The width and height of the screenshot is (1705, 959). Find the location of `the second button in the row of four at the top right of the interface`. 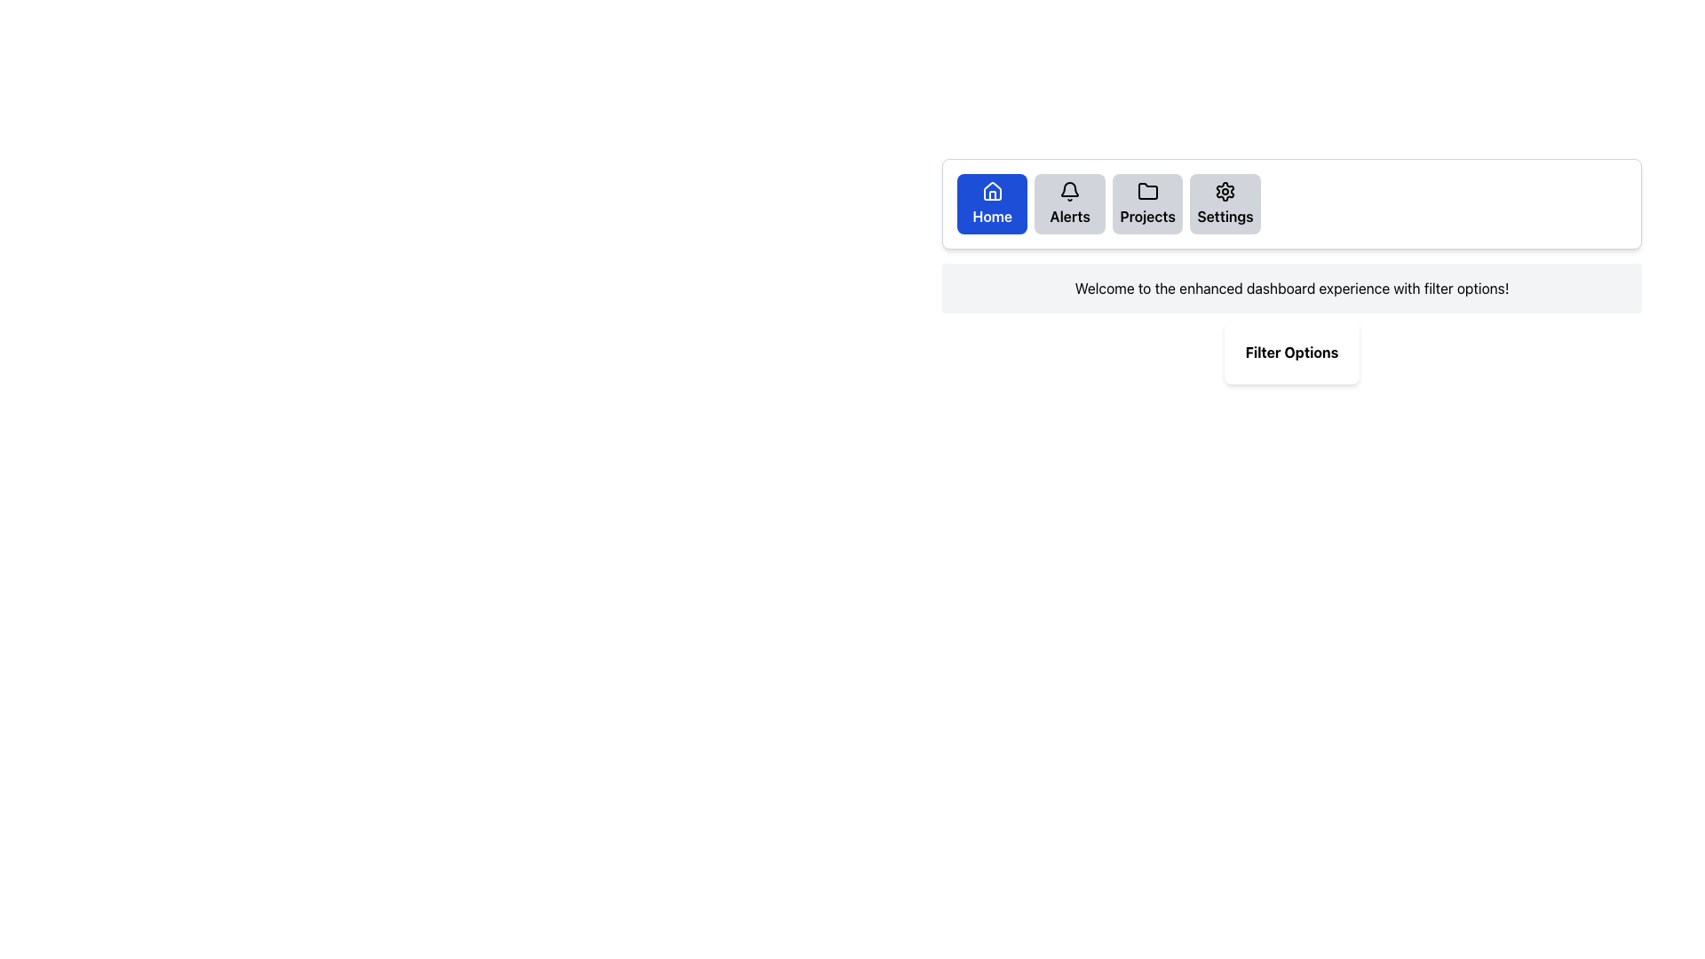

the second button in the row of four at the top right of the interface is located at coordinates (1069, 203).